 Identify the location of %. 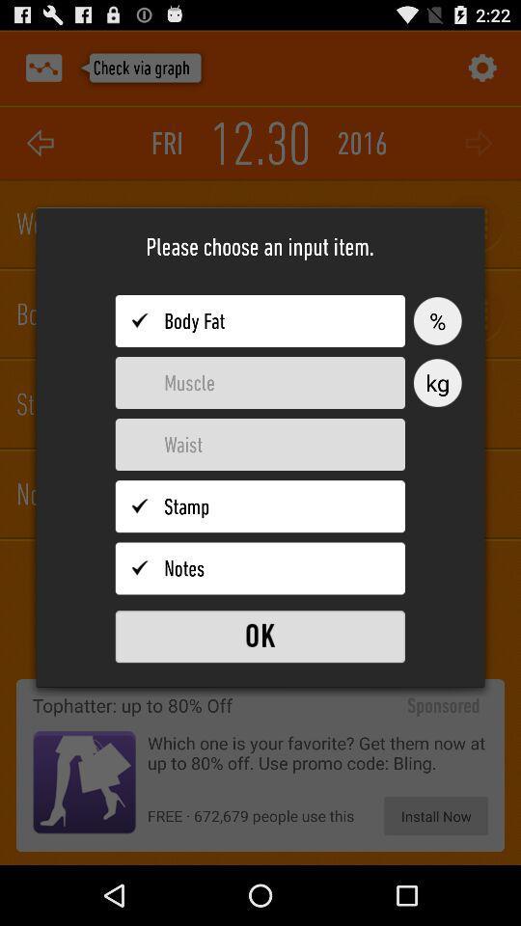
(437, 321).